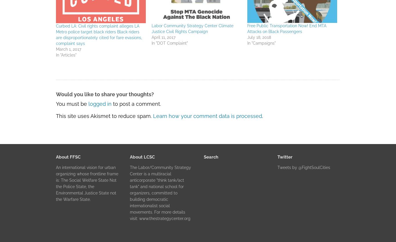 This screenshot has width=396, height=242. I want to click on 'The Labor/Community Strategy Center is a multiracial anticorporate "think tank/act tank" and national school for organizers, committed to building democratic internationalist social movements.

For more details visit:', so click(160, 192).